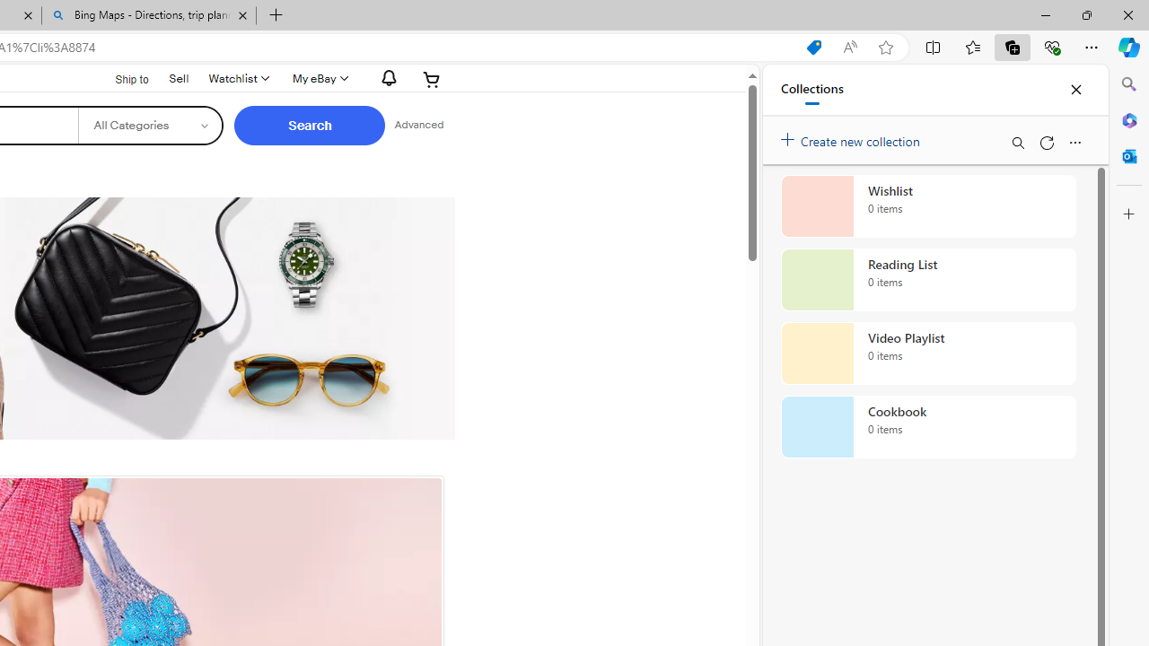  I want to click on 'Reading List collection, 0 items', so click(928, 280).